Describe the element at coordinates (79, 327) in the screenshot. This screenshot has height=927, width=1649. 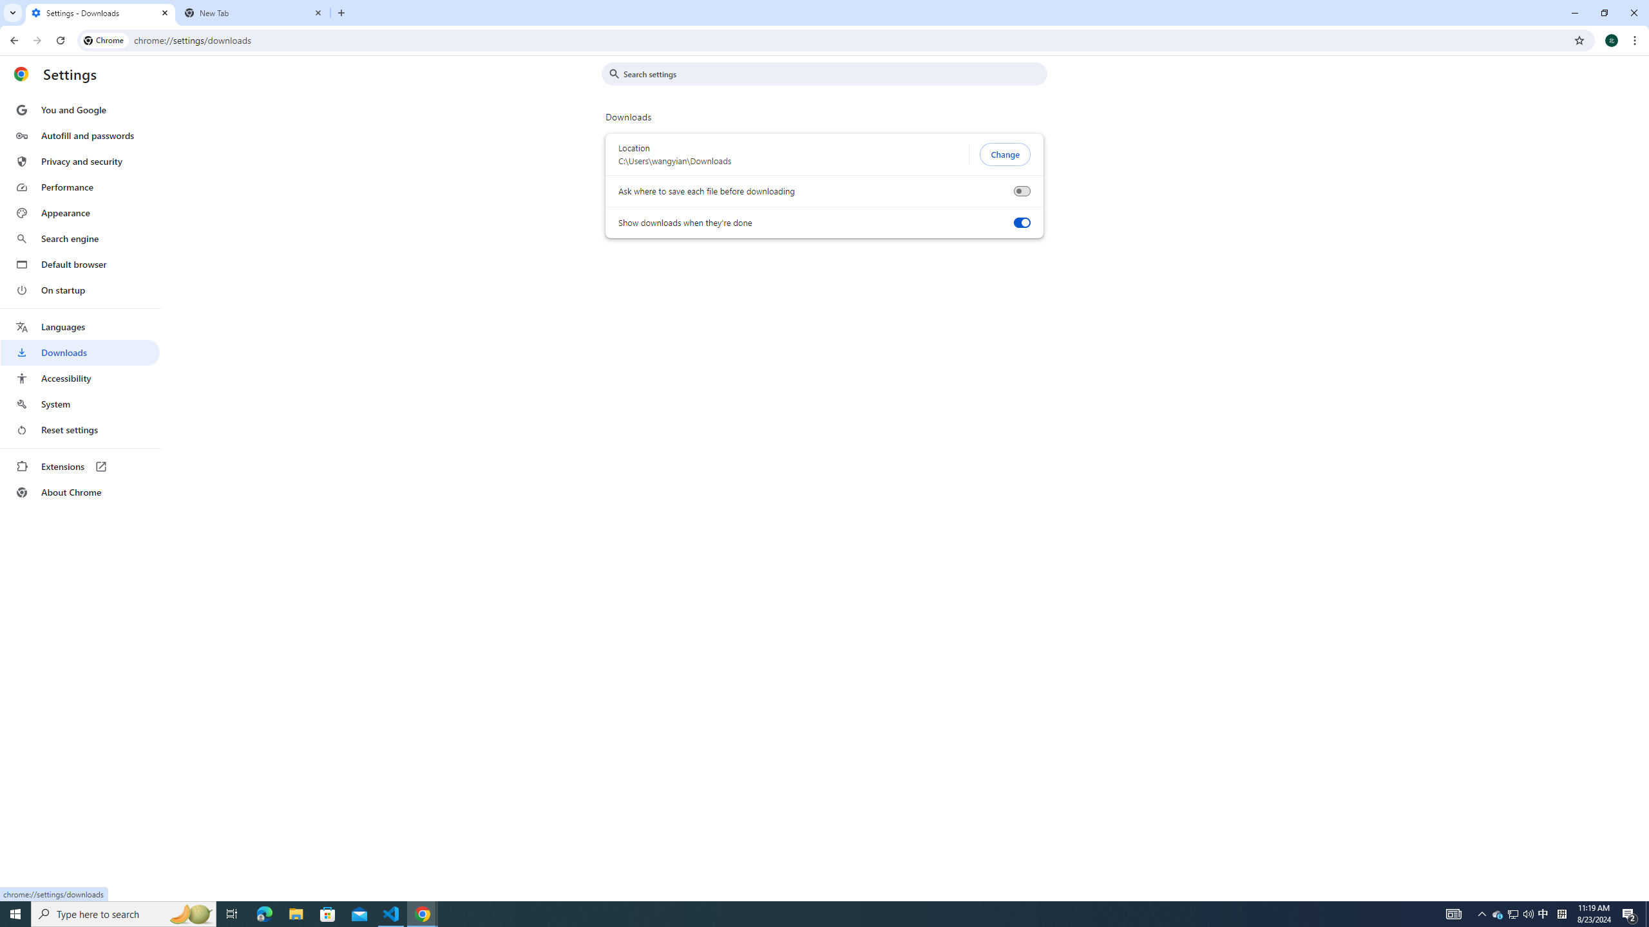
I see `'Languages'` at that location.